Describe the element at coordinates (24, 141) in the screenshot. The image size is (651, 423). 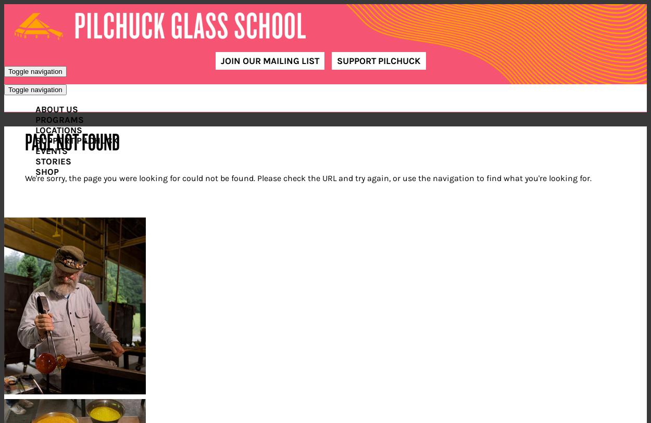
I see `'Page Not Found'` at that location.